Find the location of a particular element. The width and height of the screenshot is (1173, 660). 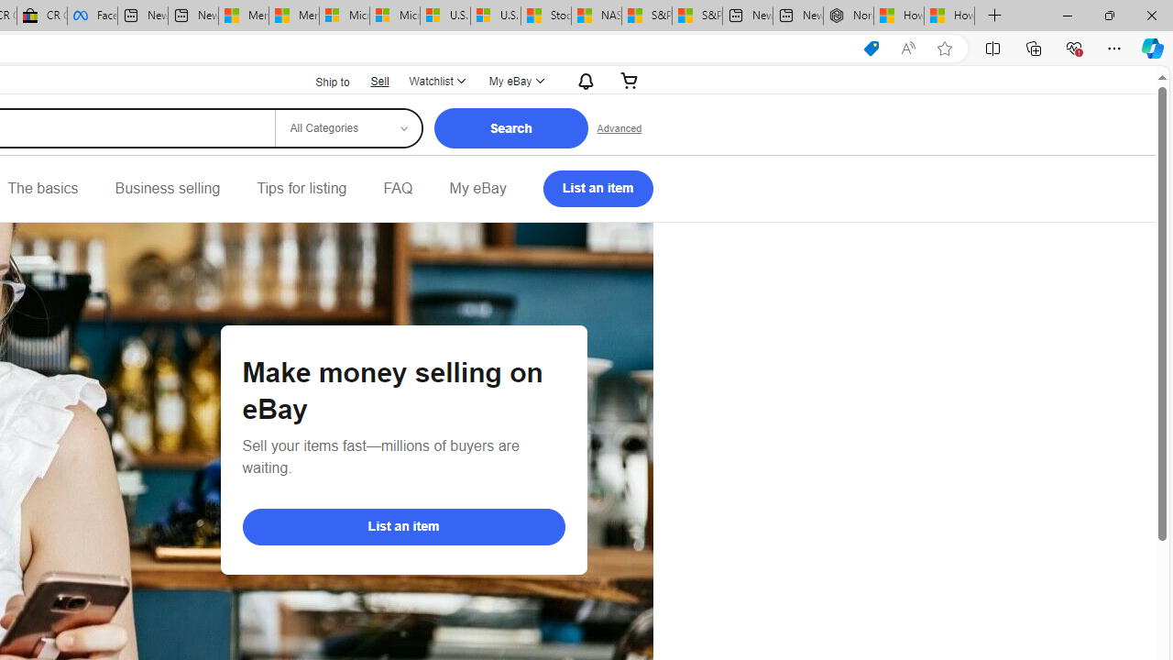

'Tips for listing' is located at coordinates (301, 188).